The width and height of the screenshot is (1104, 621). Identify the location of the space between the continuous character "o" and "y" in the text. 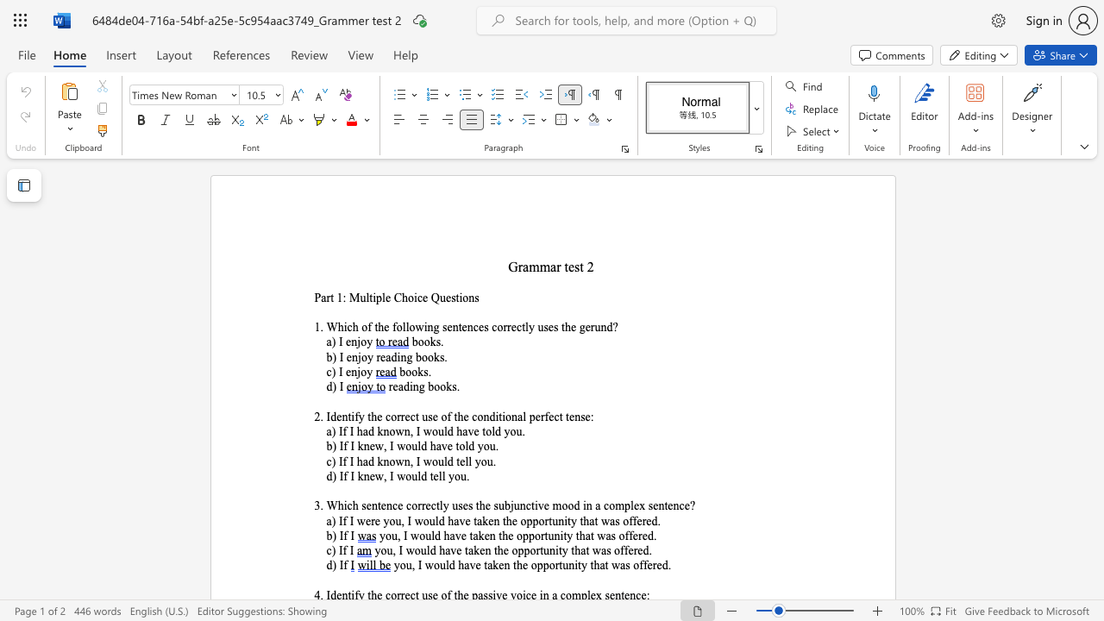
(366, 342).